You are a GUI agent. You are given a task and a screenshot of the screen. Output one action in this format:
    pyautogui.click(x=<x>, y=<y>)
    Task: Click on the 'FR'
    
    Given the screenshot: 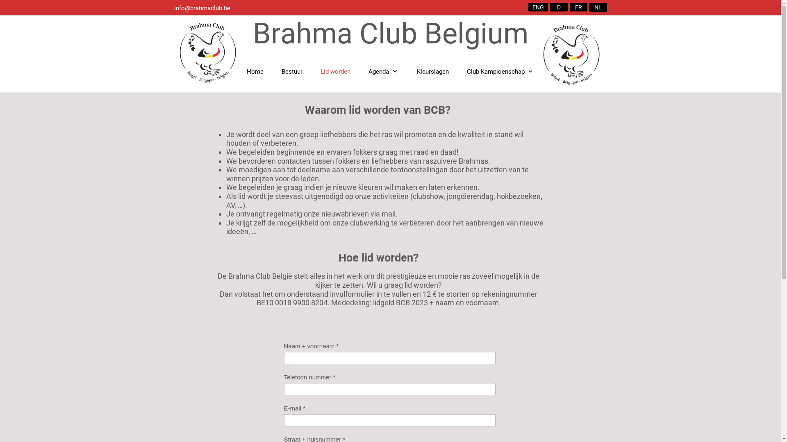 What is the action you would take?
    pyautogui.click(x=578, y=7)
    